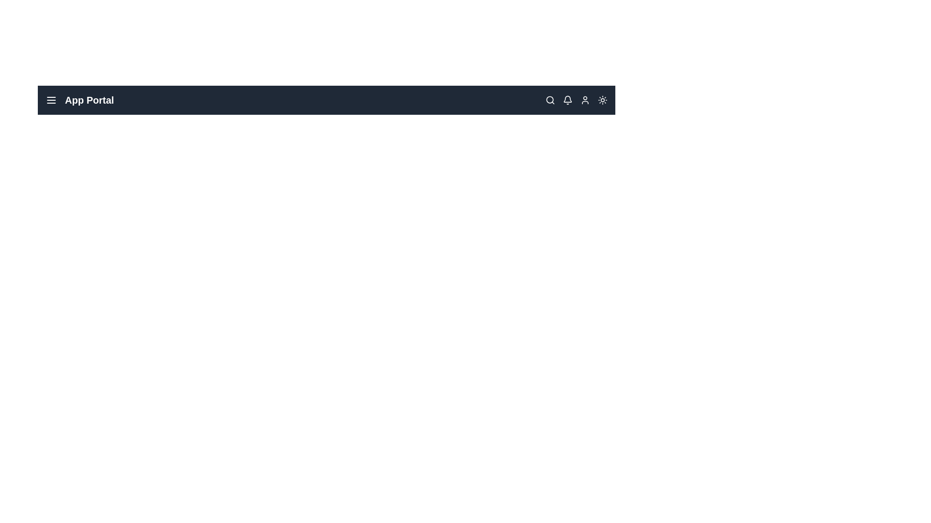 The height and width of the screenshot is (523, 931). What do you see at coordinates (550, 100) in the screenshot?
I see `the search icon to initiate a search action` at bounding box center [550, 100].